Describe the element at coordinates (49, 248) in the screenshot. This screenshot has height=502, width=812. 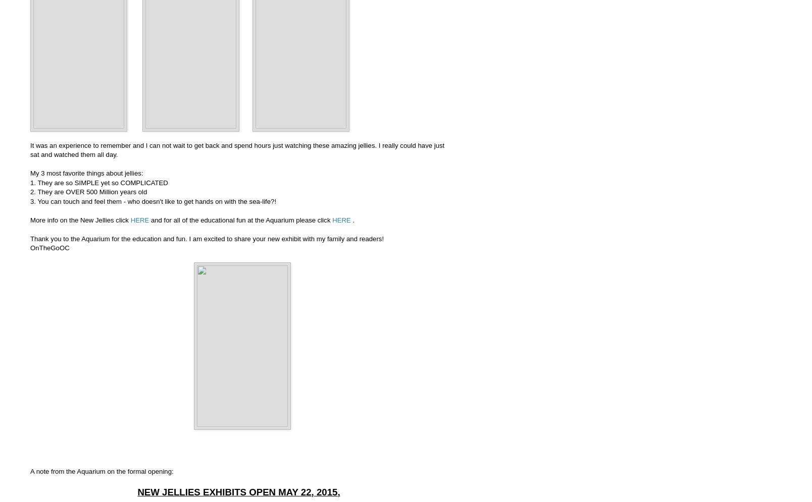
I see `'OnTheGoOC'` at that location.